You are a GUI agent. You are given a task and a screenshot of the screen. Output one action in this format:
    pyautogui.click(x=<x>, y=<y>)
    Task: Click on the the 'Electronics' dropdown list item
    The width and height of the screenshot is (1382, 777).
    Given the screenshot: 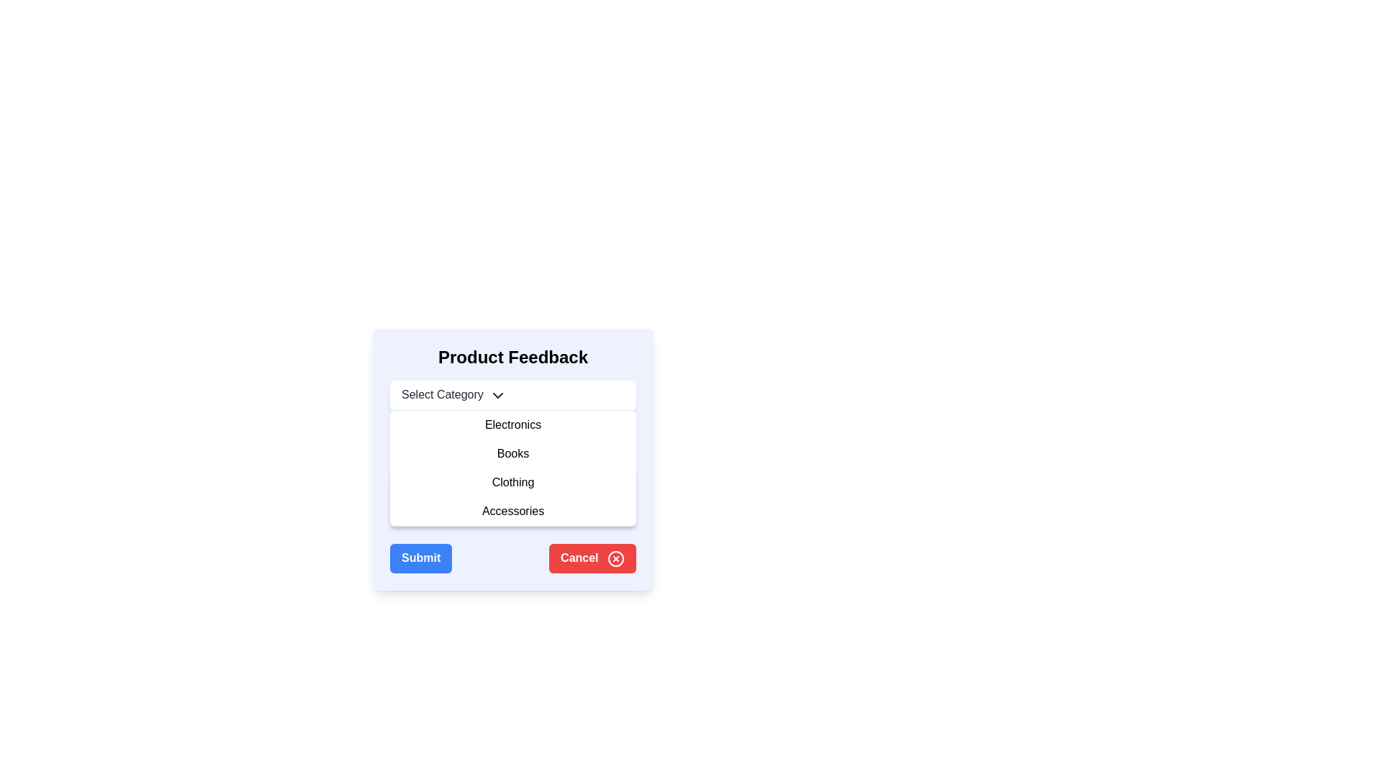 What is the action you would take?
    pyautogui.click(x=513, y=424)
    